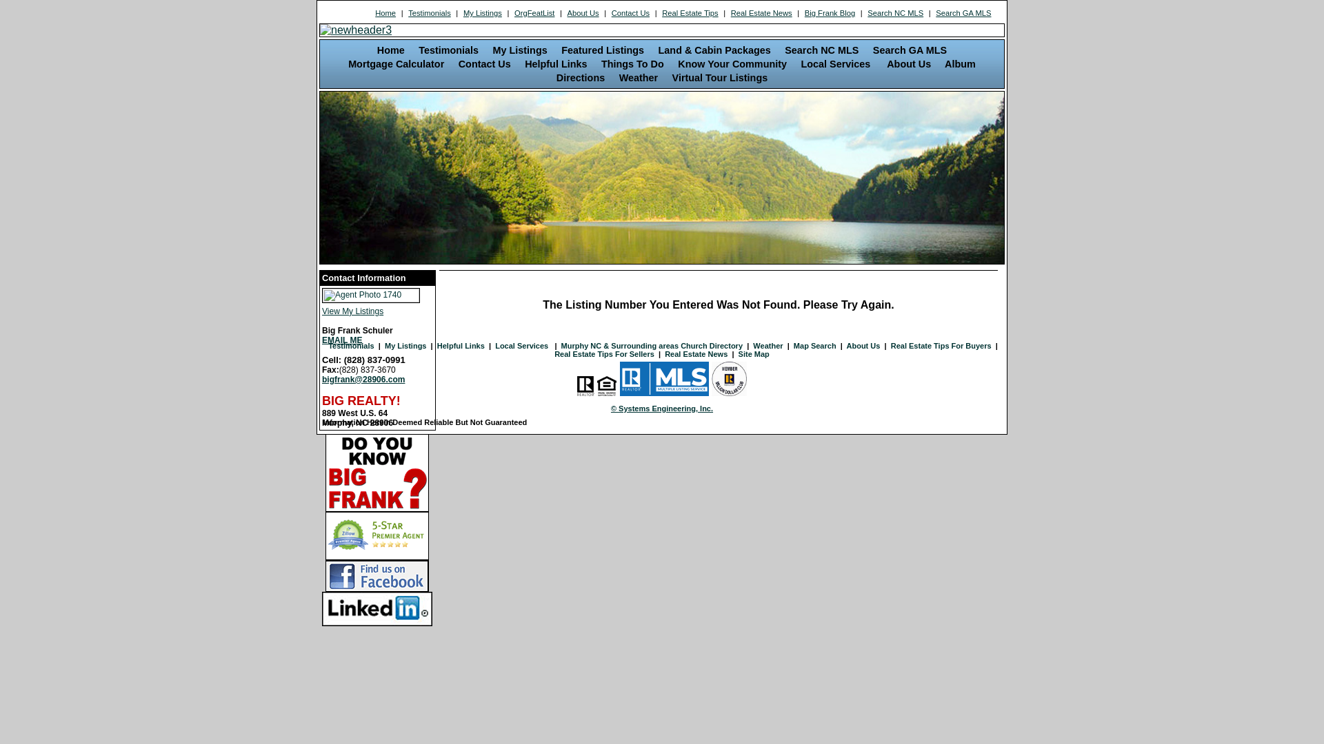 The width and height of the screenshot is (1324, 744). What do you see at coordinates (395, 63) in the screenshot?
I see `'Mortgage Calculator'` at bounding box center [395, 63].